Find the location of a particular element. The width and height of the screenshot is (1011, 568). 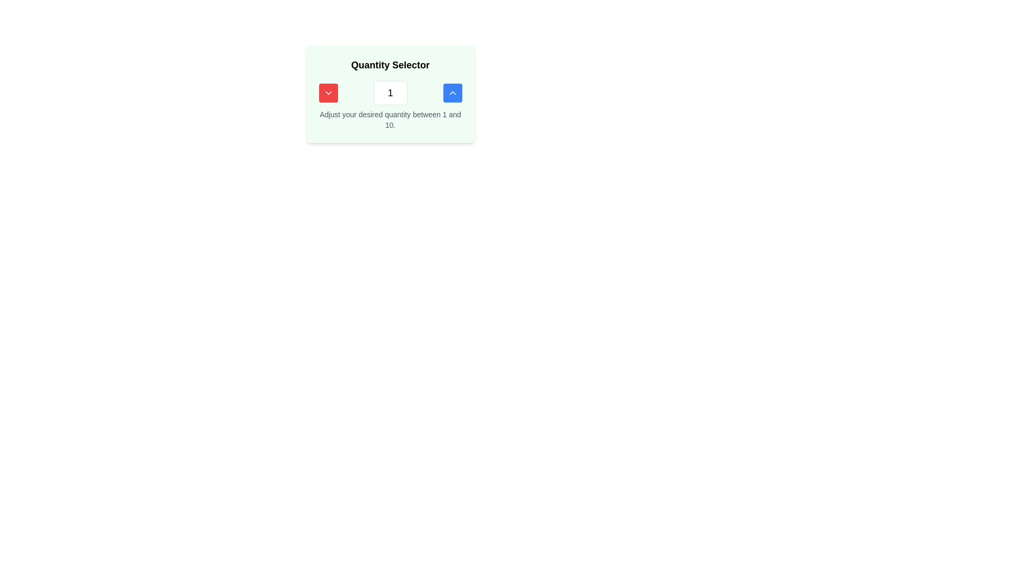

the rectangular text input field displaying the value '1' to focus on it is located at coordinates (390, 93).